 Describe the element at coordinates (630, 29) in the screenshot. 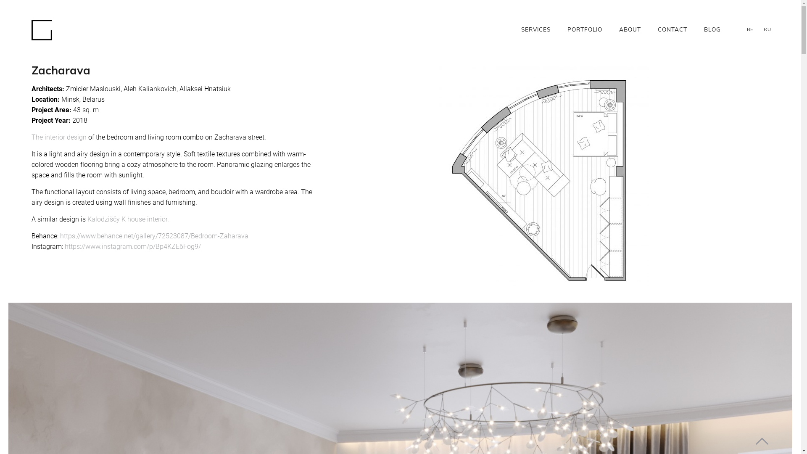

I see `'ABOUT'` at that location.